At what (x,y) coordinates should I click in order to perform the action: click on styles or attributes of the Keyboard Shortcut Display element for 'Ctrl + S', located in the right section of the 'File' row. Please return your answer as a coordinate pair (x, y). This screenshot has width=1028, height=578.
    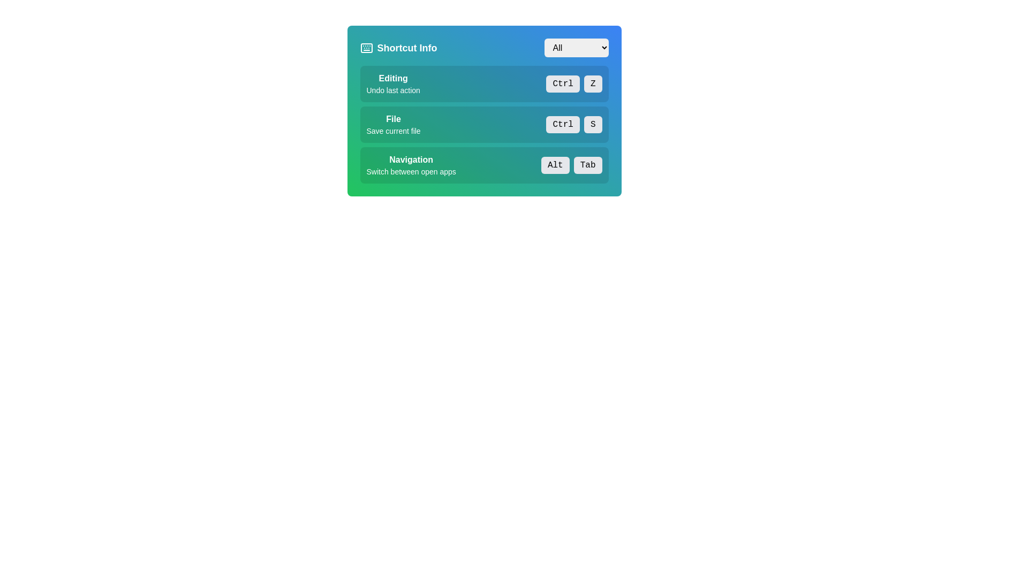
    Looking at the image, I should click on (573, 124).